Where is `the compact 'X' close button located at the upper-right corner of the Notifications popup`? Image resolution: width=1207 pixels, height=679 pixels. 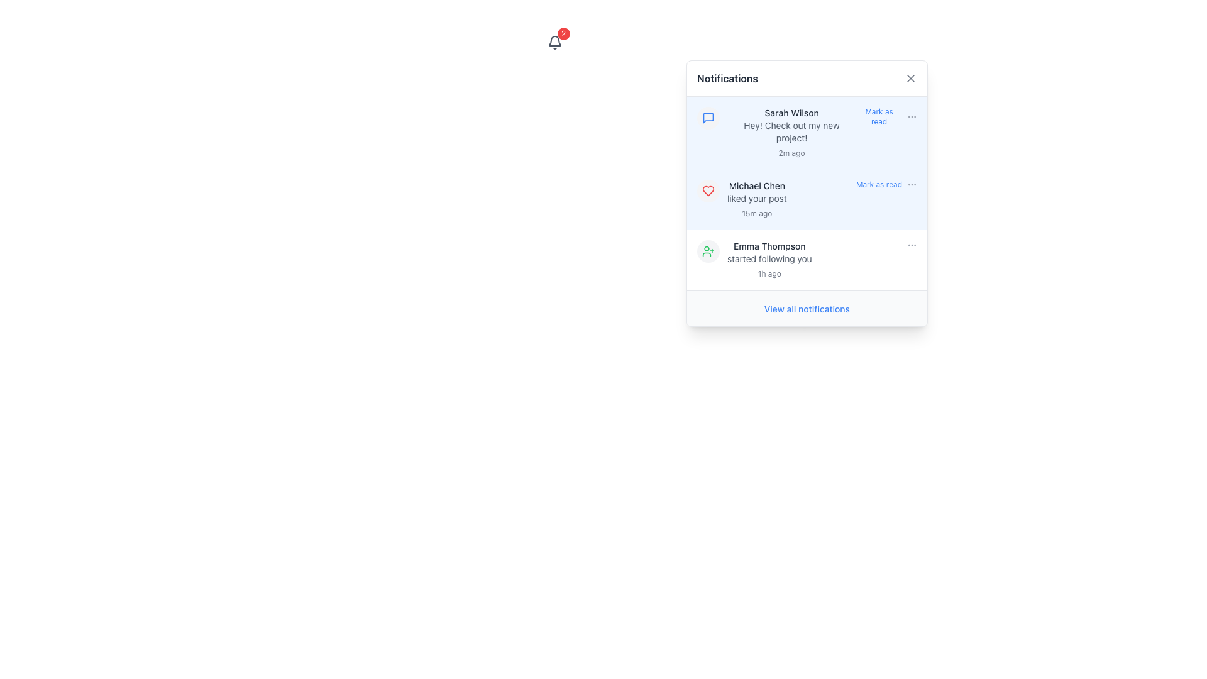 the compact 'X' close button located at the upper-right corner of the Notifications popup is located at coordinates (911, 78).